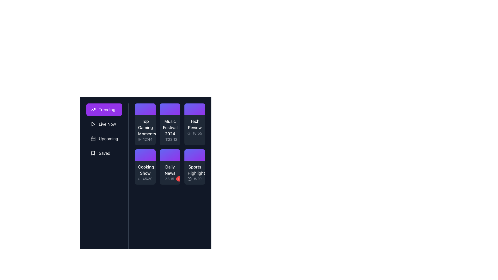 The width and height of the screenshot is (498, 280). What do you see at coordinates (145, 179) in the screenshot?
I see `the text '45:30' accompanied by a clock icon located at the bottom of the 'Cooking Show' card in the grid layout` at bounding box center [145, 179].